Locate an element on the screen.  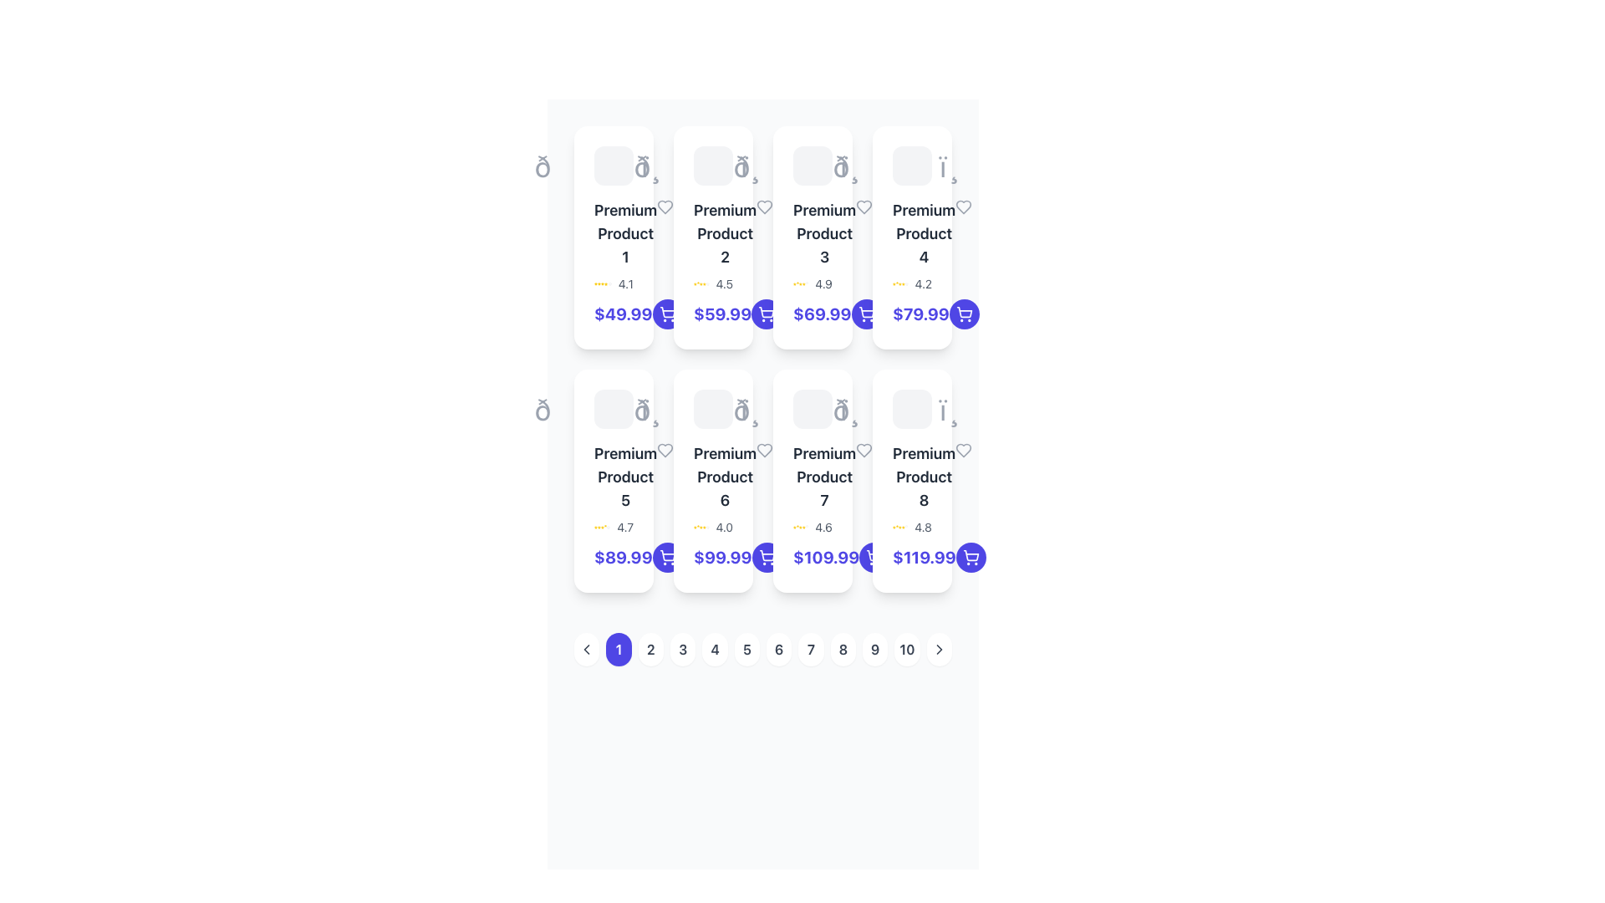
the circular button with a purple background and a white shopping cart icon at the bottom right of the 'Premium Product 3' card is located at coordinates (866, 314).